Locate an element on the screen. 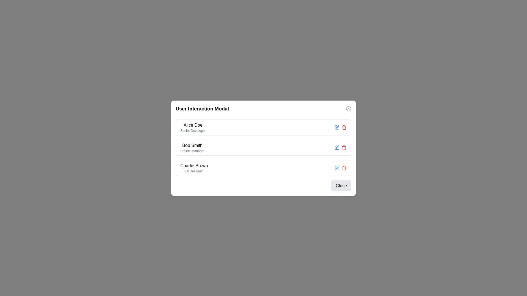 The width and height of the screenshot is (527, 296). the text label that identifies an individual, positioned below 'Alice Doe' and above 'Charlie Brown', within the modal that includes the subtitle 'Project Manager' is located at coordinates (192, 145).